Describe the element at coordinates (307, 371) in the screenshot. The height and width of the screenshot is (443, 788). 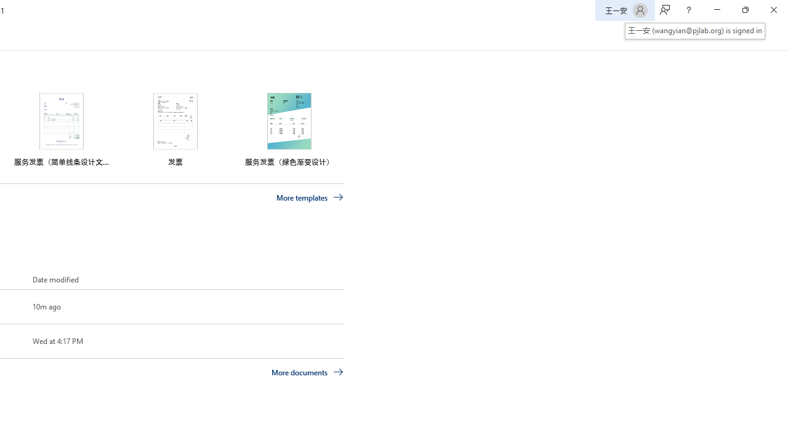
I see `'More documents'` at that location.